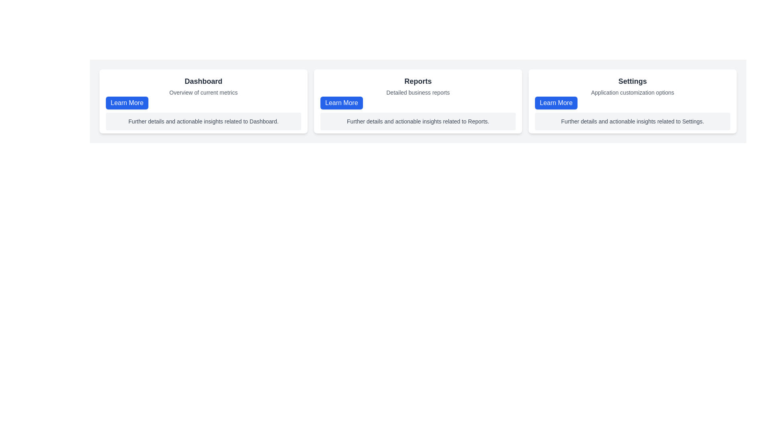  What do you see at coordinates (203, 92) in the screenshot?
I see `the static text label that provides additional descriptive information about the 'Dashboard', positioned below the larger 'Dashboard' text in the central section of the interface` at bounding box center [203, 92].